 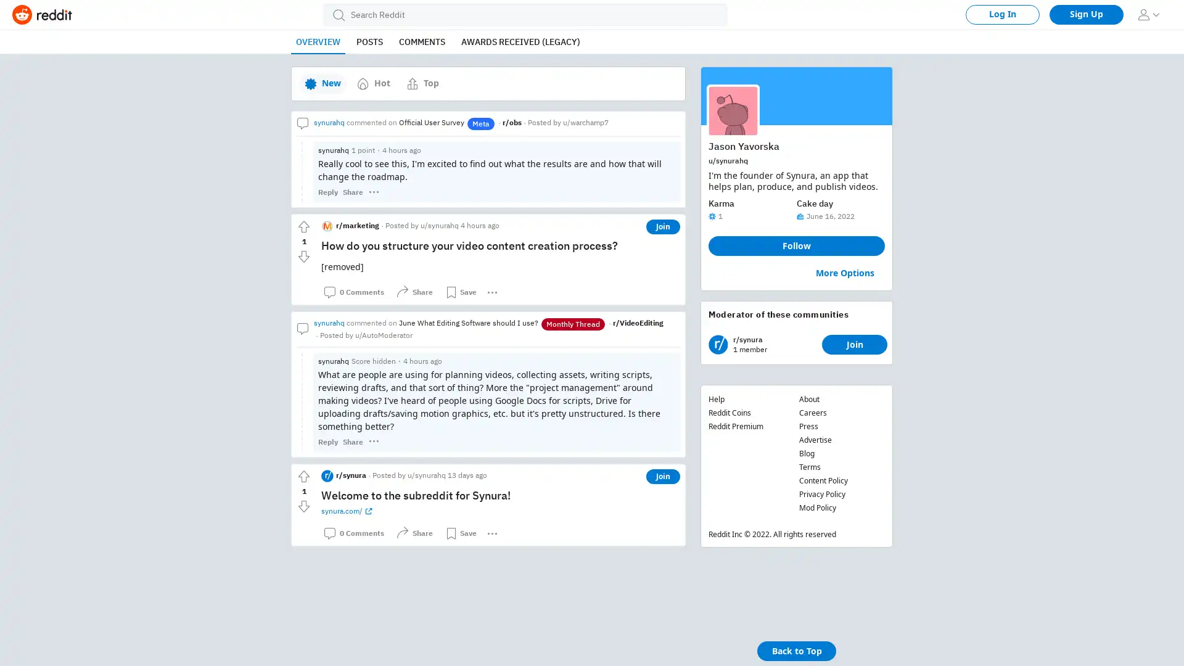 What do you see at coordinates (304, 506) in the screenshot?
I see `downvote` at bounding box center [304, 506].